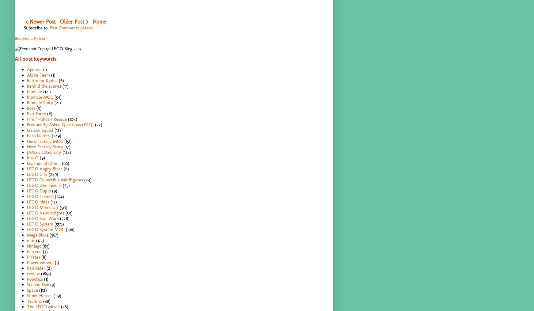  What do you see at coordinates (32, 290) in the screenshot?
I see `'Space'` at bounding box center [32, 290].